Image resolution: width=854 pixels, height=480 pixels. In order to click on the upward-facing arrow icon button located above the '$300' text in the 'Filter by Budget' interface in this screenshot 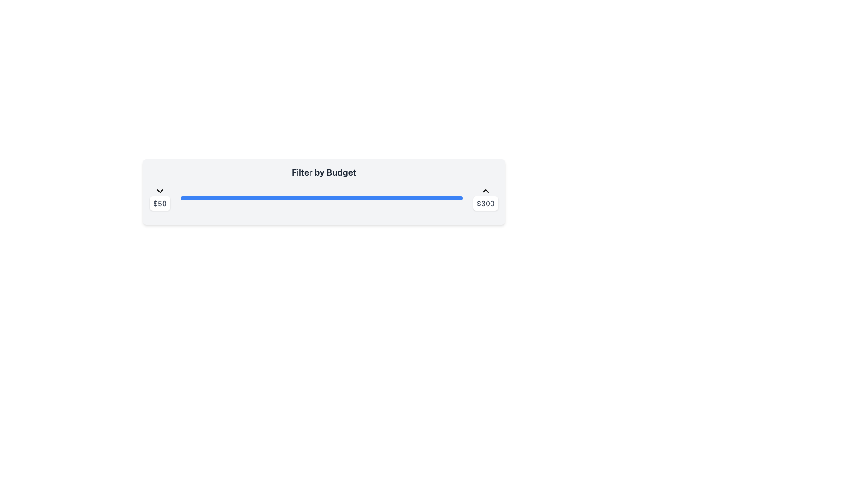, I will do `click(485, 190)`.